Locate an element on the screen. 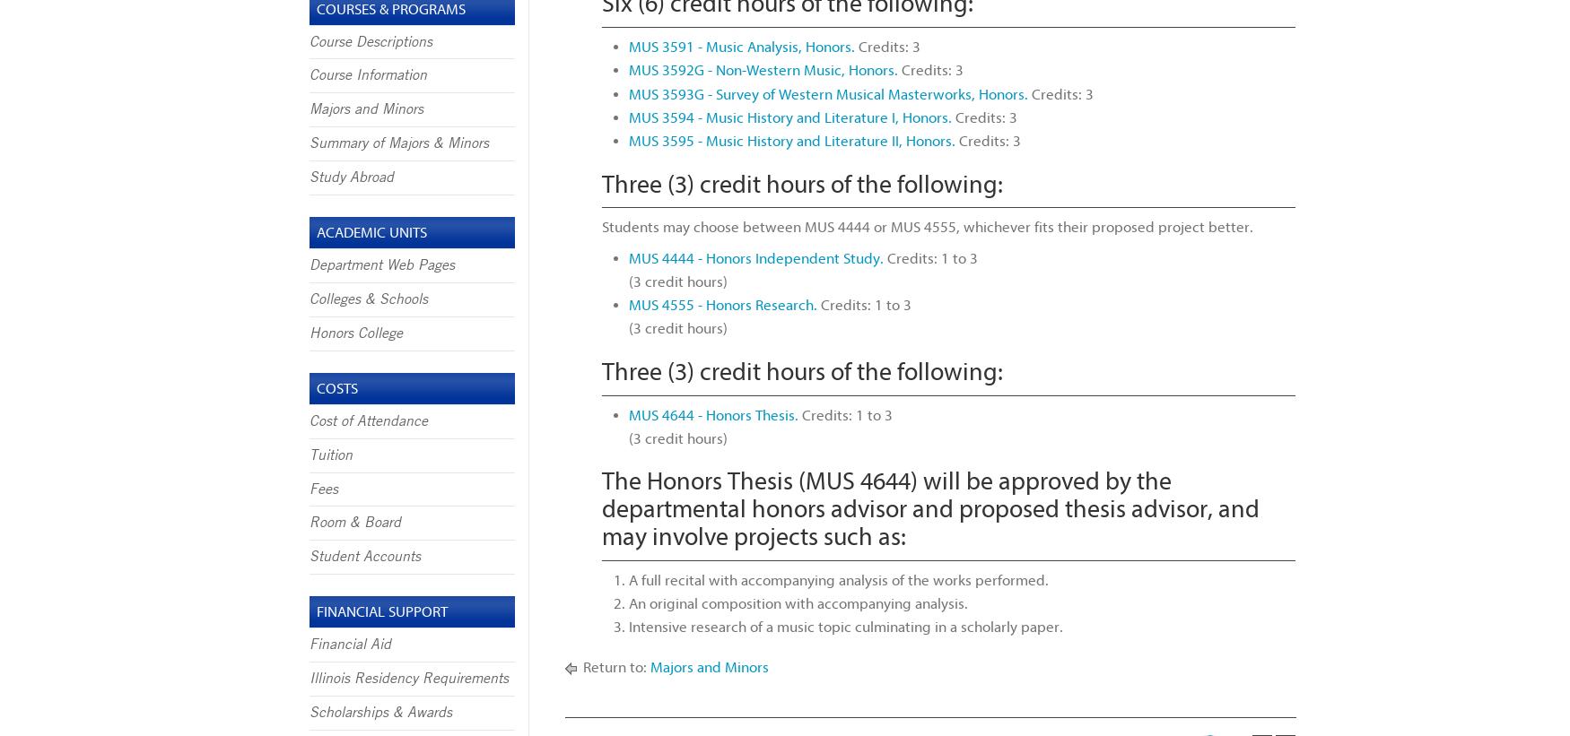 This screenshot has height=736, width=1570. 'Room & Board' is located at coordinates (354, 521).